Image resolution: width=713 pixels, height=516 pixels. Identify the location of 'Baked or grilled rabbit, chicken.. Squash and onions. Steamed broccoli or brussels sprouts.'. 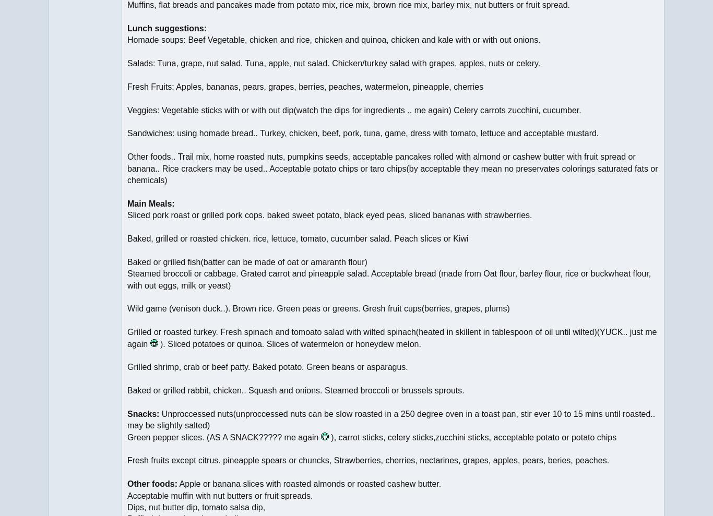
(295, 390).